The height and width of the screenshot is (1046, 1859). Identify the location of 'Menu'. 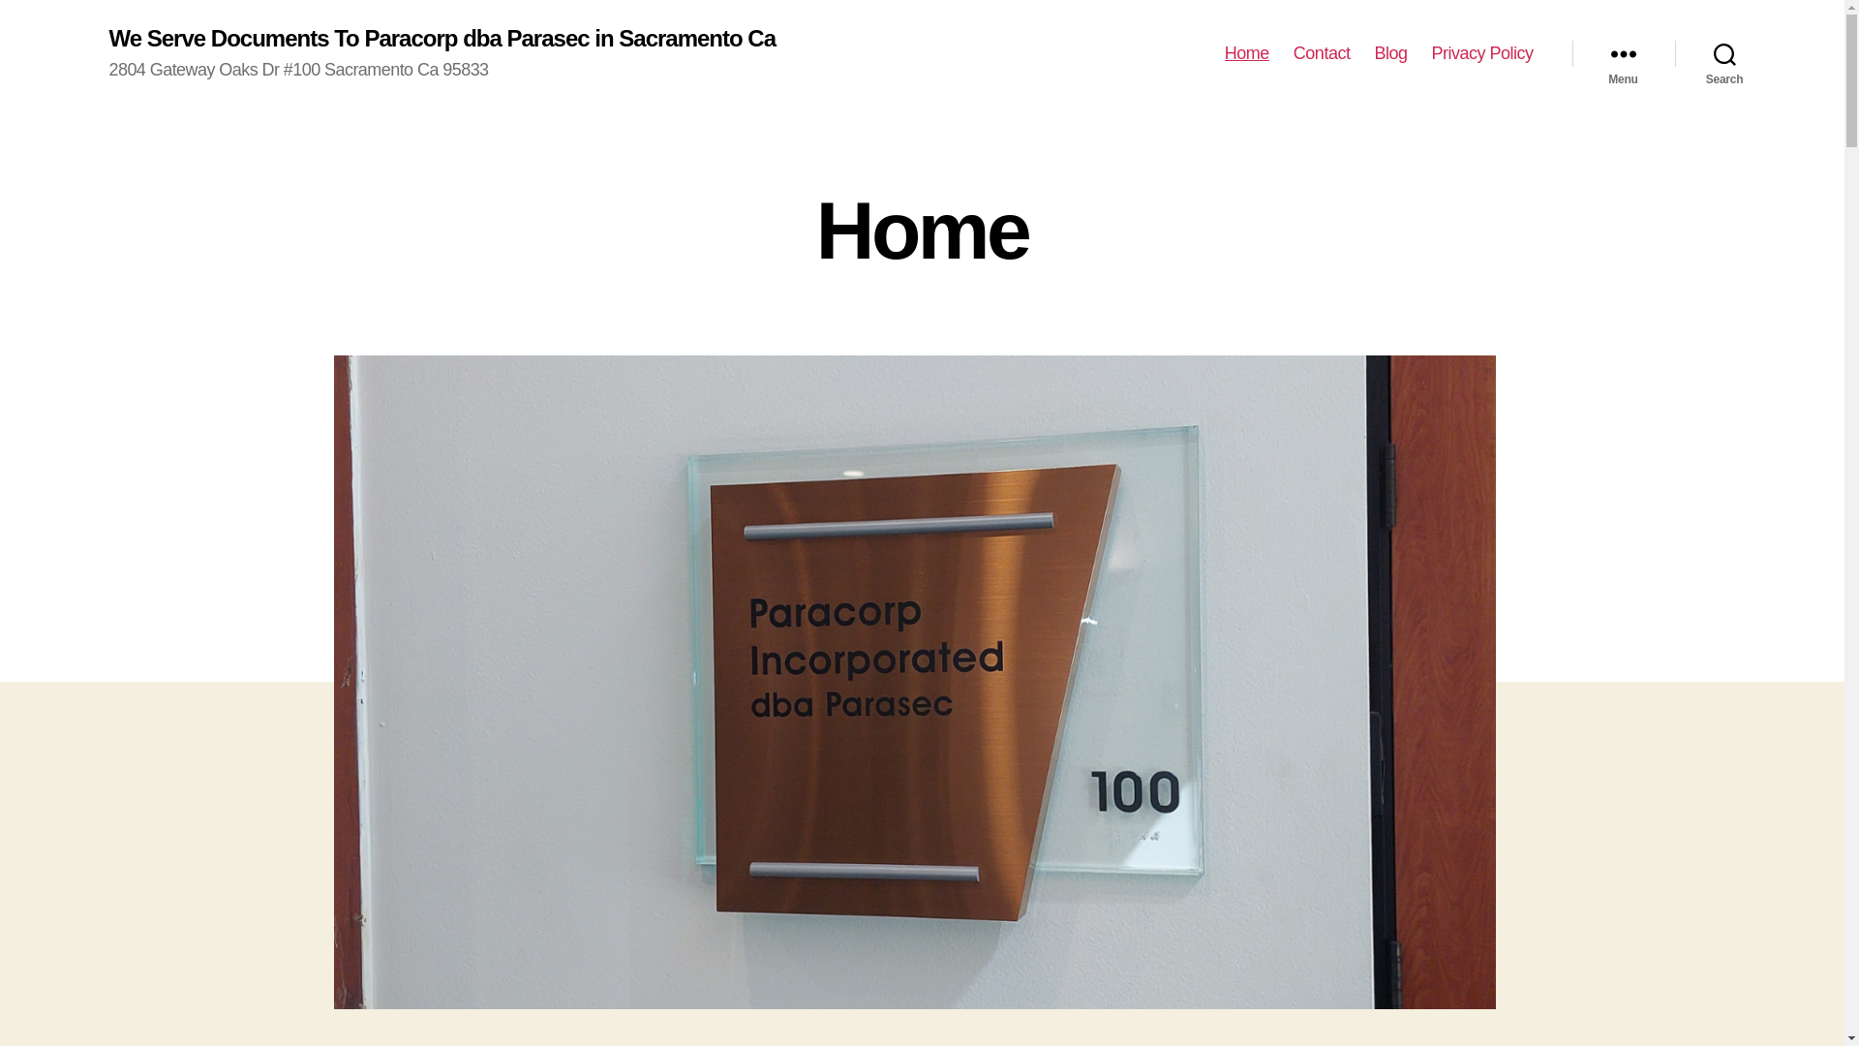
(1623, 53).